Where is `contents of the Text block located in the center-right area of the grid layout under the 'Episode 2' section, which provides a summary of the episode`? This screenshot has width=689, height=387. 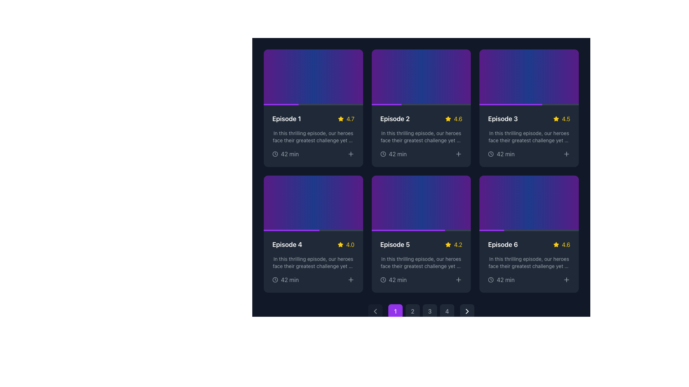 contents of the Text block located in the center-right area of the grid layout under the 'Episode 2' section, which provides a summary of the episode is located at coordinates (421, 137).